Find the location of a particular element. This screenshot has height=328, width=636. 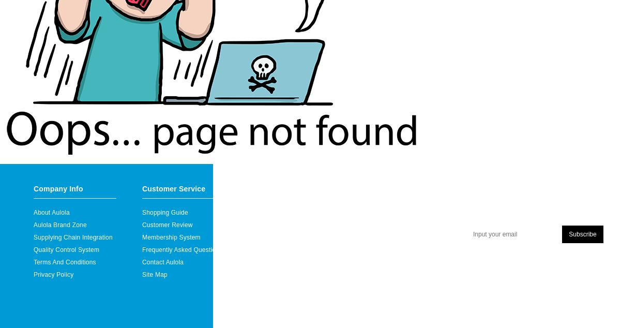

'Site Map' is located at coordinates (155, 274).